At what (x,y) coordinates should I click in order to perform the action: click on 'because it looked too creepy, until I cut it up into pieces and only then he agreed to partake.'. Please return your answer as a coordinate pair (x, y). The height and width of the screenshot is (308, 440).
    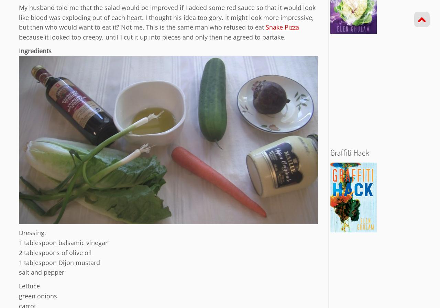
    Looking at the image, I should click on (152, 37).